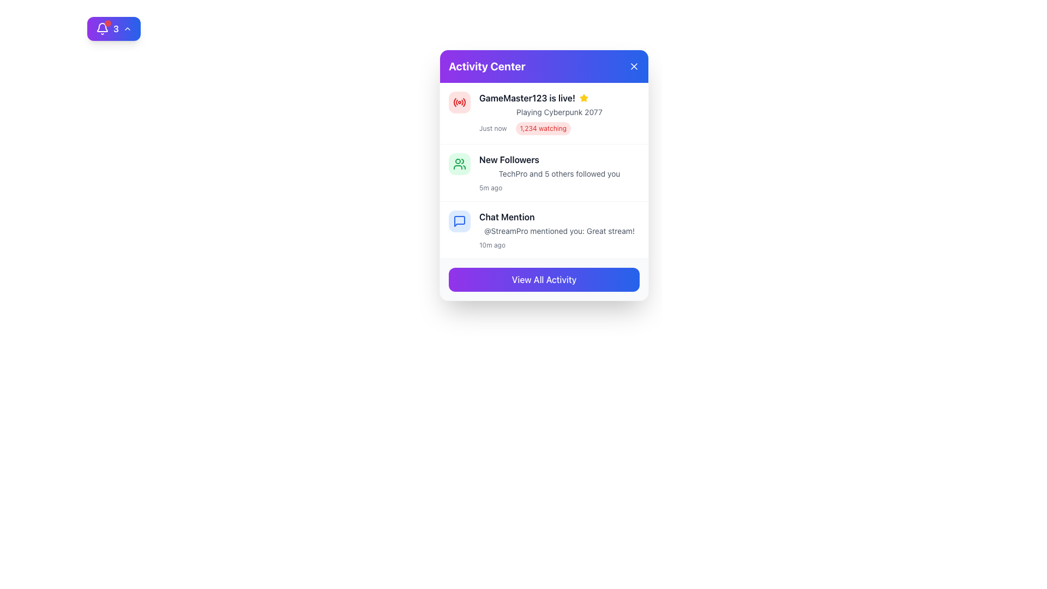 The image size is (1047, 589). What do you see at coordinates (460, 221) in the screenshot?
I see `the notification represented by the chat mention icon located to the left of the text 'Chat Mention @StreamPro mentioned you: Great stream!' in the third row of the Activity Center dropdown` at bounding box center [460, 221].